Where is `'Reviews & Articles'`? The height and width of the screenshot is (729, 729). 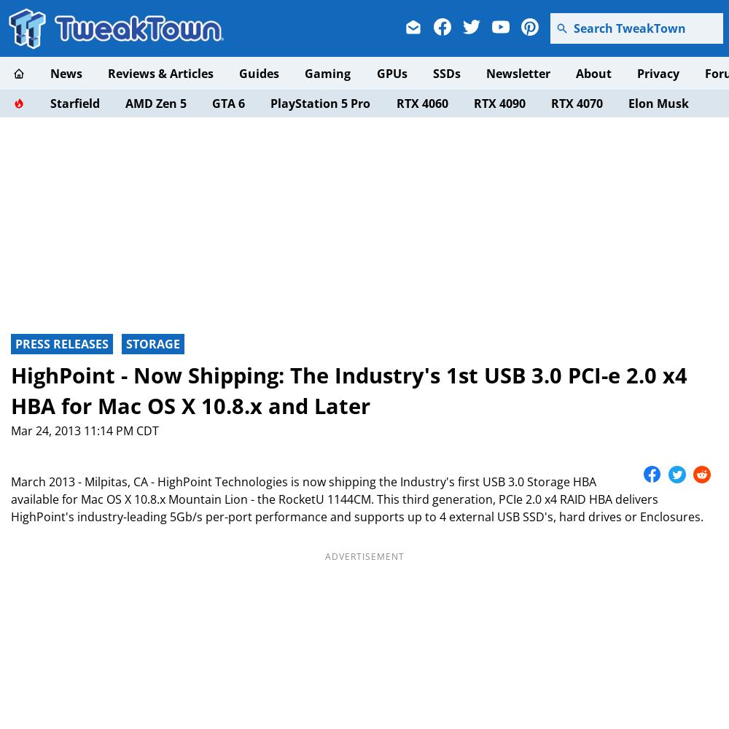 'Reviews & Articles' is located at coordinates (159, 73).